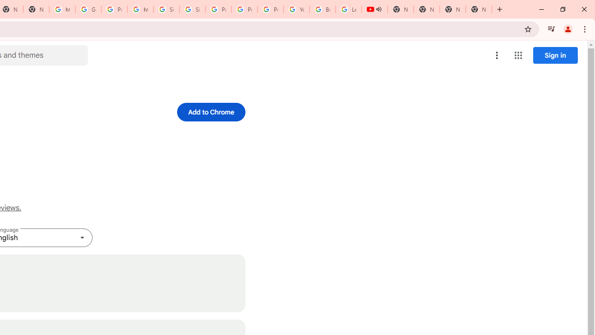 The width and height of the screenshot is (595, 335). Describe the element at coordinates (479, 9) in the screenshot. I see `'New Tab'` at that location.